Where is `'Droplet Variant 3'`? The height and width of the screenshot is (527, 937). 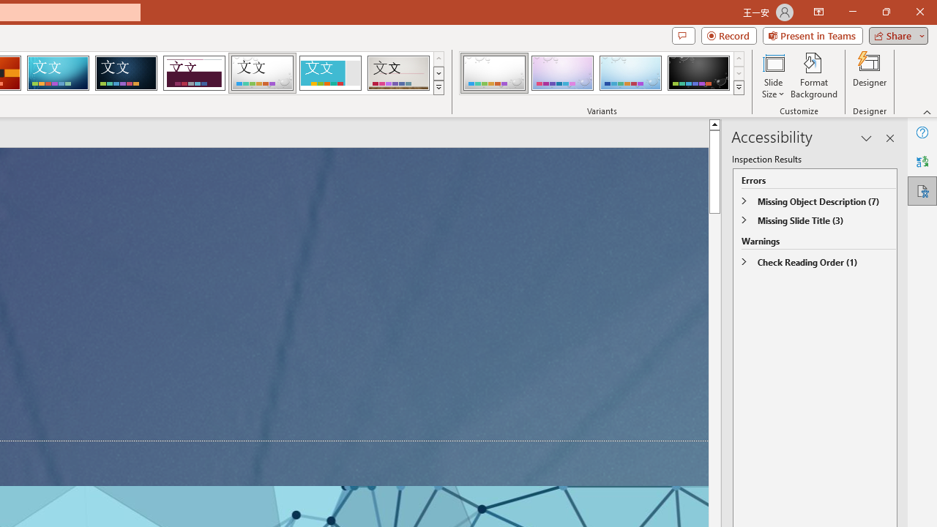
'Droplet Variant 3' is located at coordinates (630, 73).